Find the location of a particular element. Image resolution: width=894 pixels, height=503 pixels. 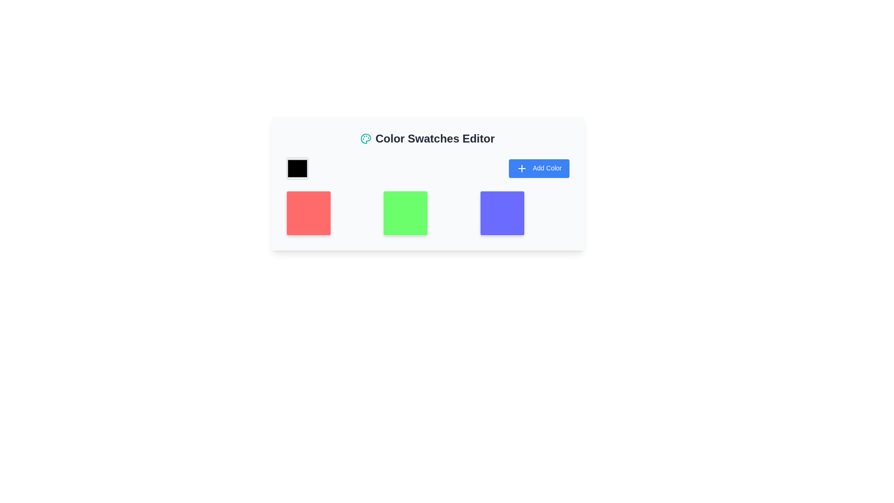

the delete button located at the top right of the blue color swatch to trigger visual feedback is located at coordinates (559, 199).